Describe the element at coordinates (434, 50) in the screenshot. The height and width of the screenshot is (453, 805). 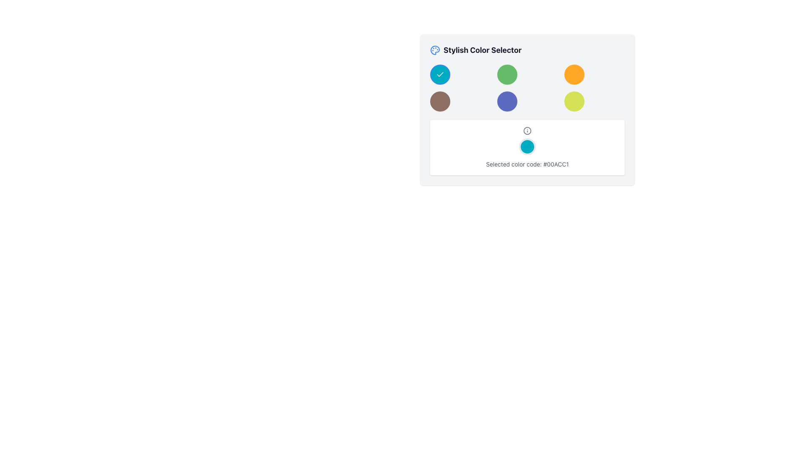
I see `the color palette icon located in the header next to 'Stylish Color Selector'` at that location.